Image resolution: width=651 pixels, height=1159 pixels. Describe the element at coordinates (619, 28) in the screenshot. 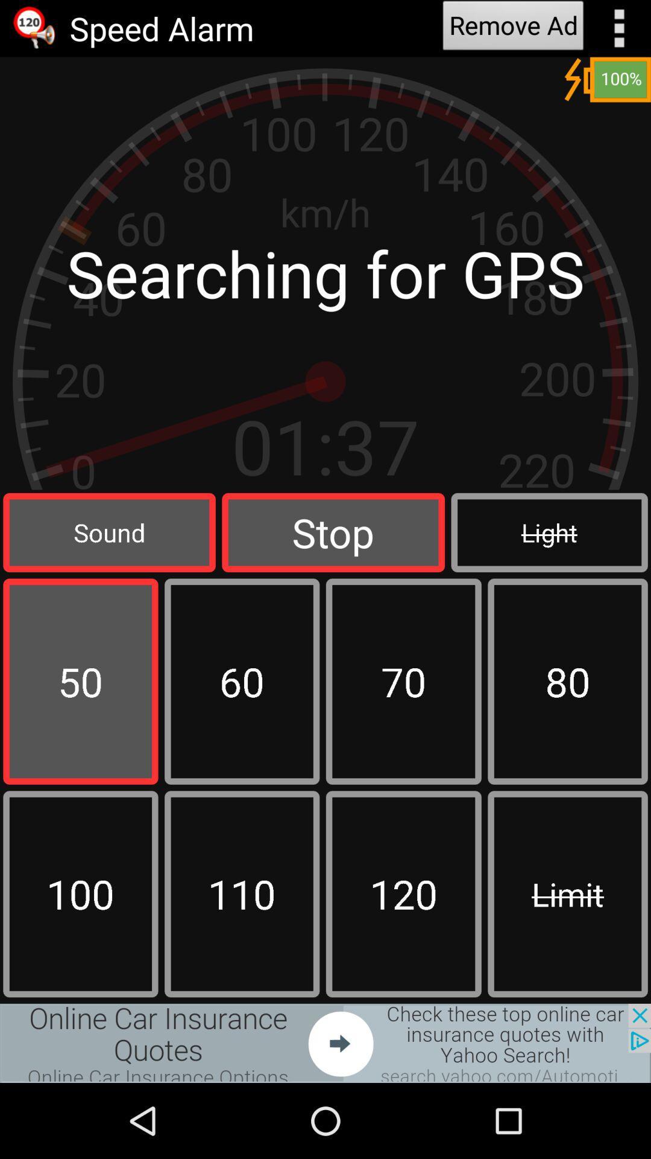

I see `setting option` at that location.